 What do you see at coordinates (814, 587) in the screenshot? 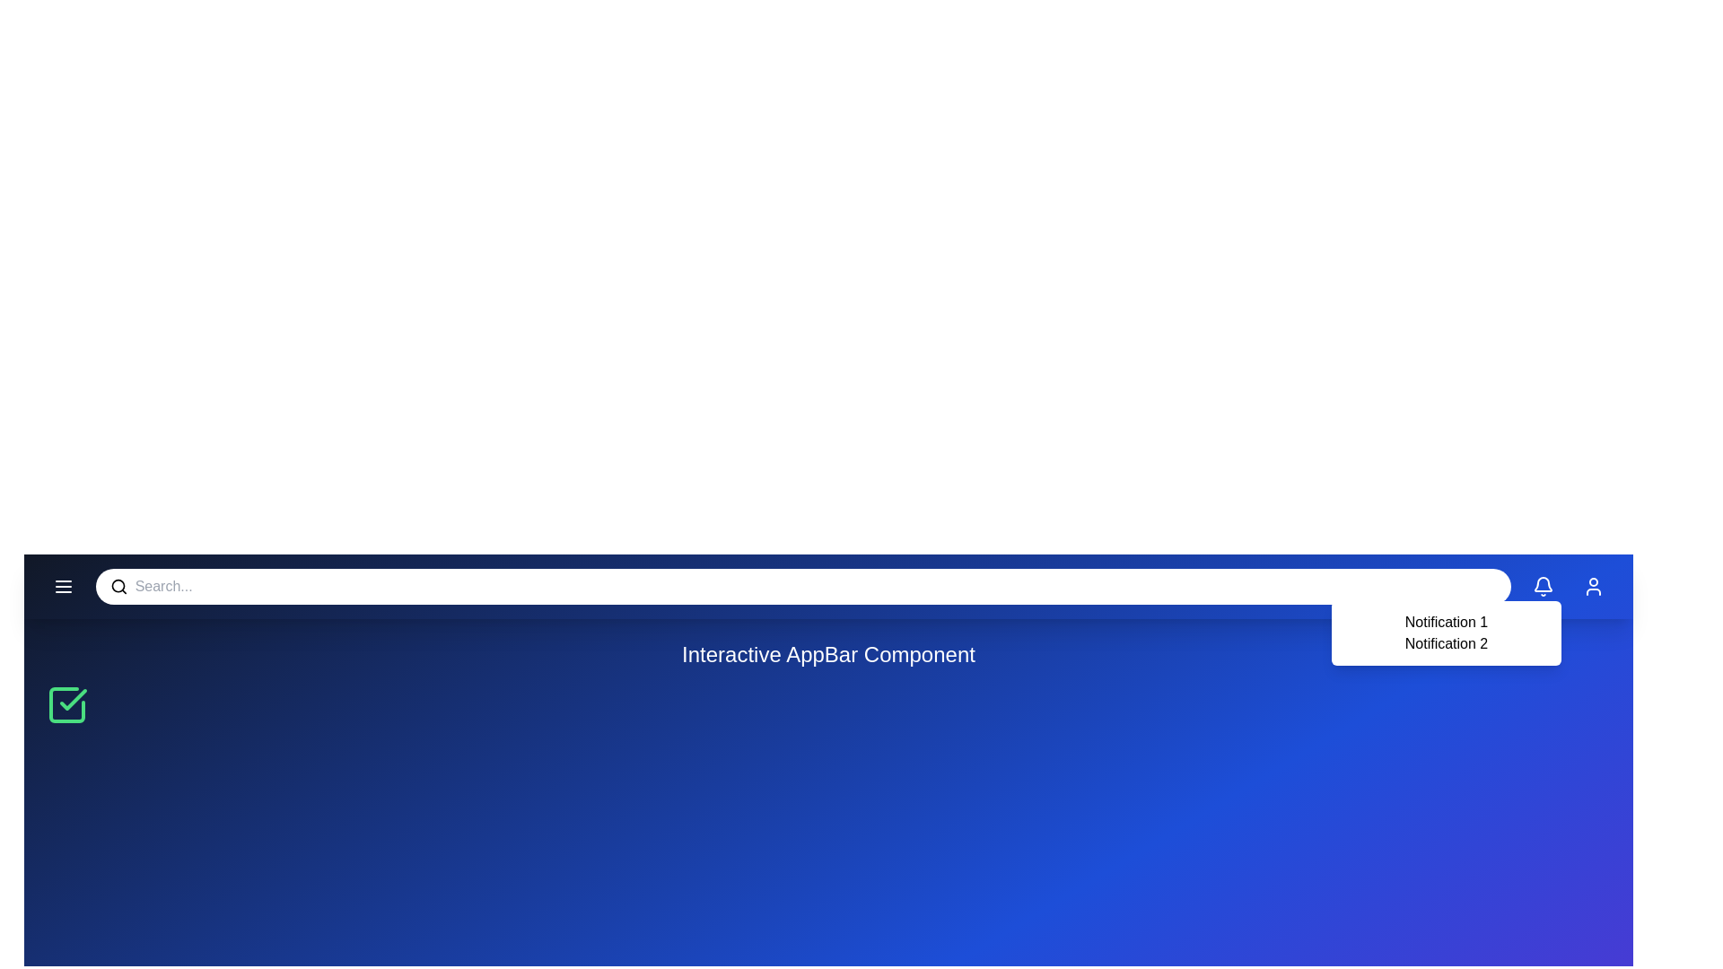
I see `the search input field to focus it` at bounding box center [814, 587].